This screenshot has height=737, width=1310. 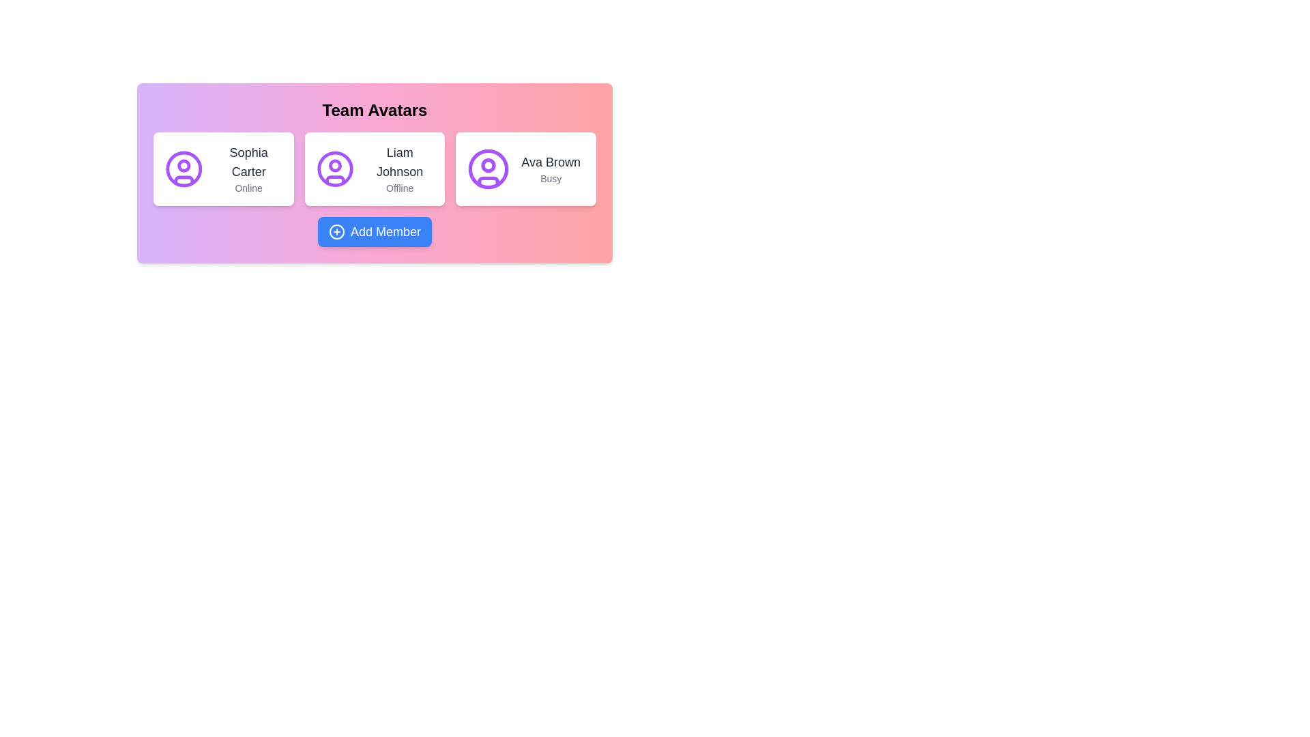 What do you see at coordinates (489, 181) in the screenshot?
I see `the curvy shape resembling a user icon located at the bottom part of the 'Ava Brown' user card's avatar icon` at bounding box center [489, 181].